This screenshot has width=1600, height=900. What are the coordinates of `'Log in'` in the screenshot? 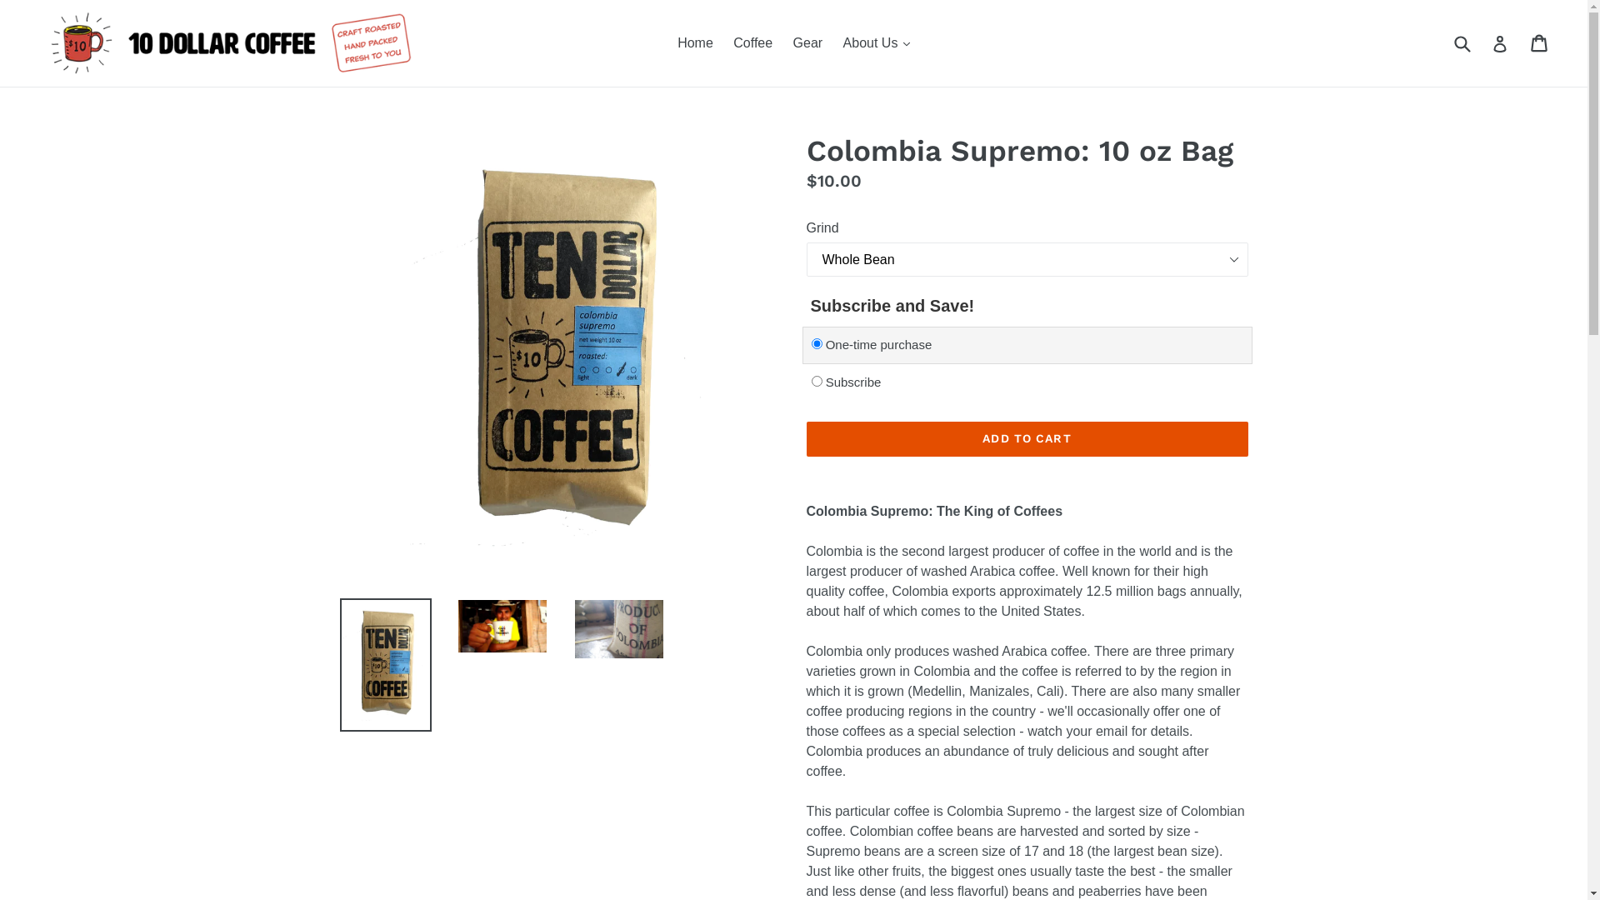 It's located at (1492, 42).